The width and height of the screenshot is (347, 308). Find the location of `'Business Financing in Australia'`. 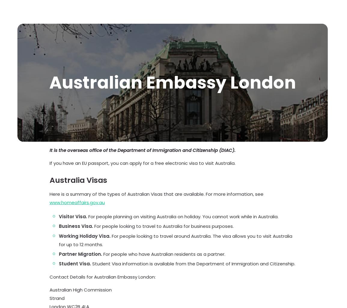

'Business Financing in Australia' is located at coordinates (250, 186).